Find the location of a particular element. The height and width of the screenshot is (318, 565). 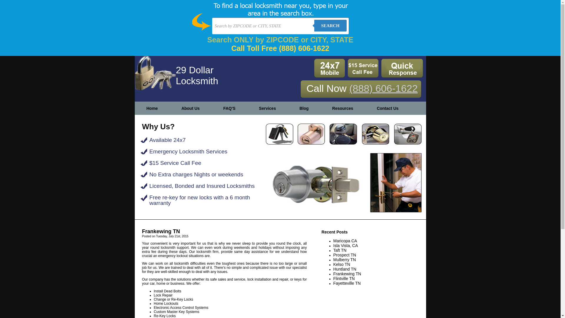

'(888) 606-1622' is located at coordinates (383, 88).